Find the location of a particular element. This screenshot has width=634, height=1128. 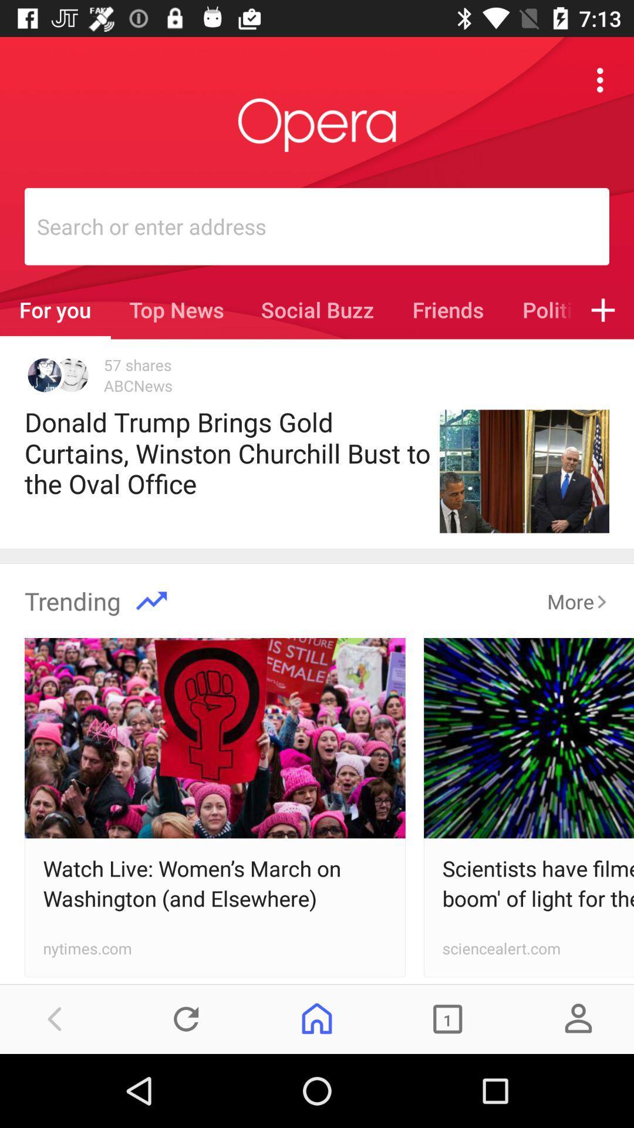

the add option under search bar is located at coordinates (603, 310).